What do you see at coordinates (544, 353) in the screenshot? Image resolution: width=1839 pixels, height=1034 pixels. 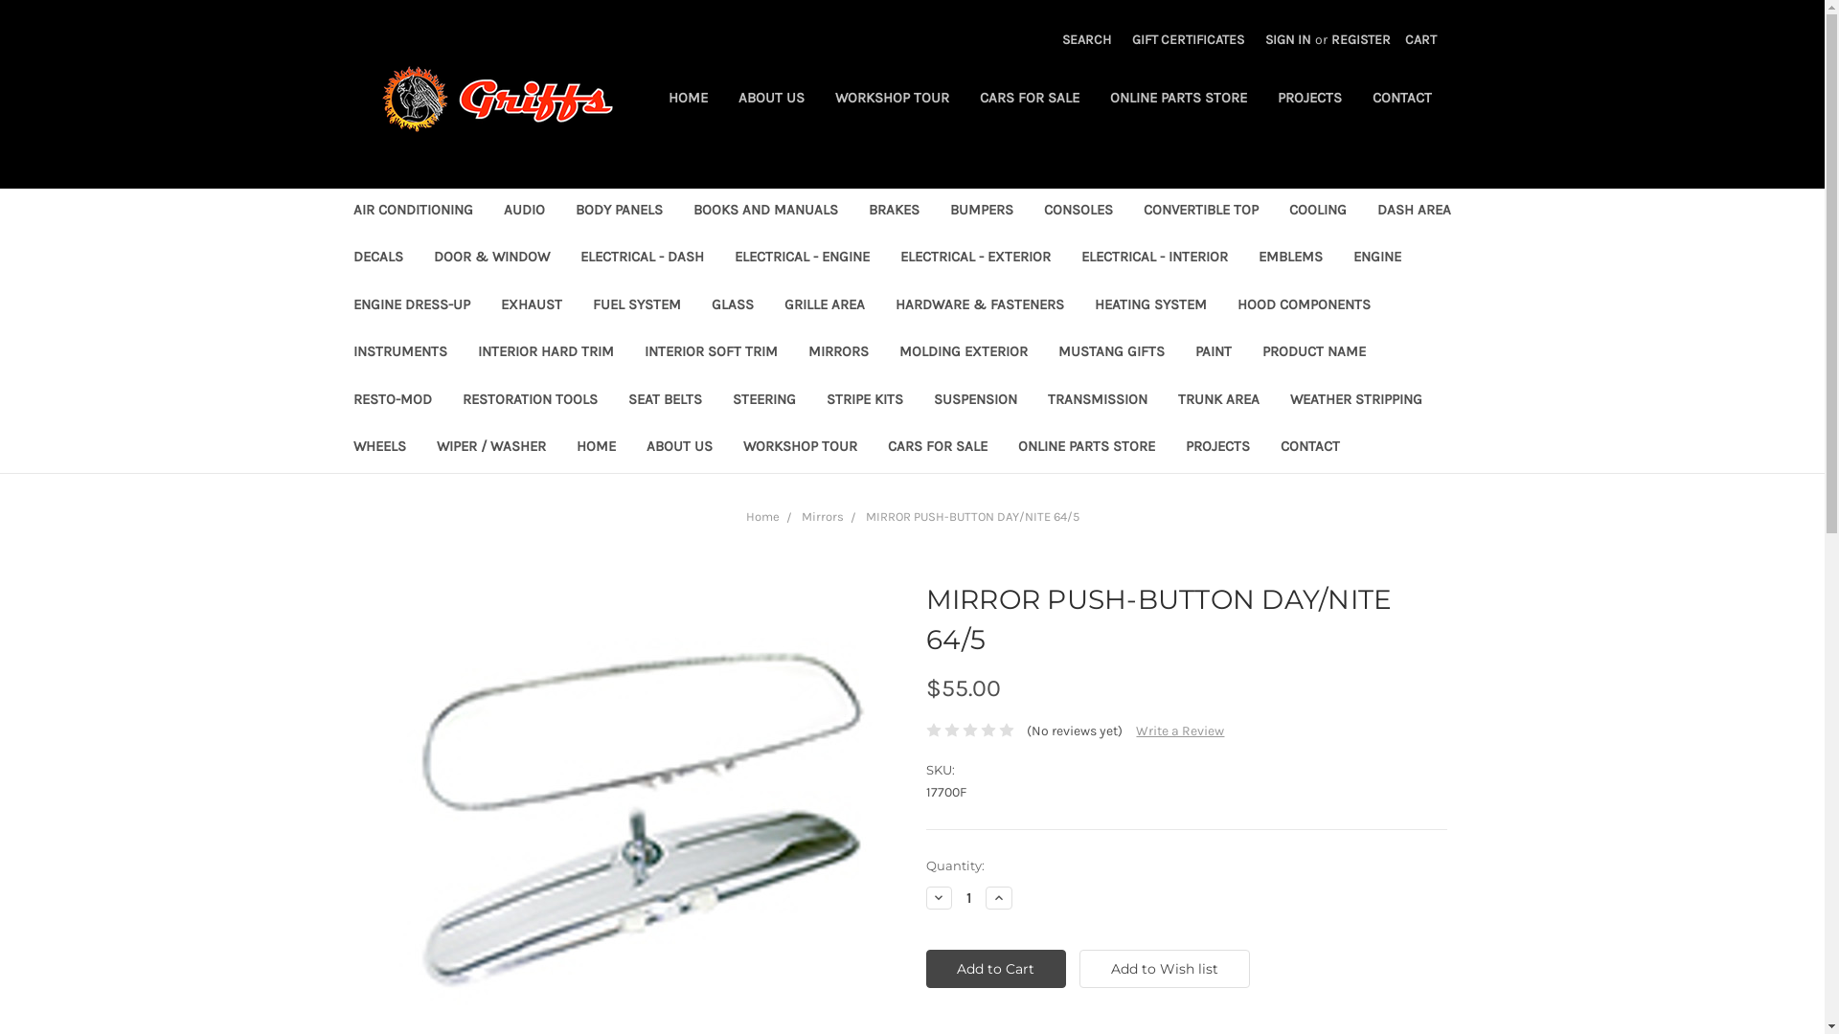 I see `'INTERIOR HARD TRIM'` at bounding box center [544, 353].